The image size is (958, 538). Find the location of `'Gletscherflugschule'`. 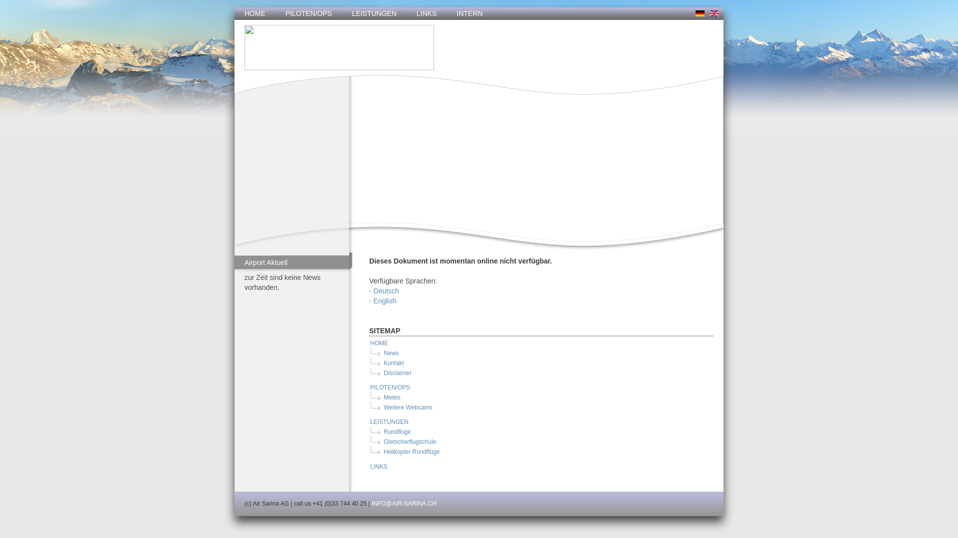

'Gletscherflugschule' is located at coordinates (409, 441).